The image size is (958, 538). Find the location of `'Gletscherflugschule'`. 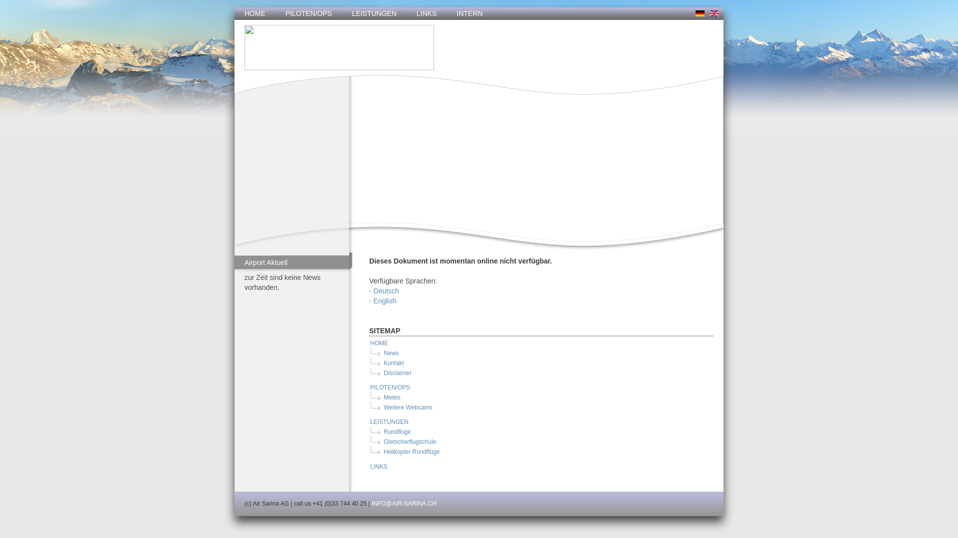

'Gletscherflugschule' is located at coordinates (409, 441).